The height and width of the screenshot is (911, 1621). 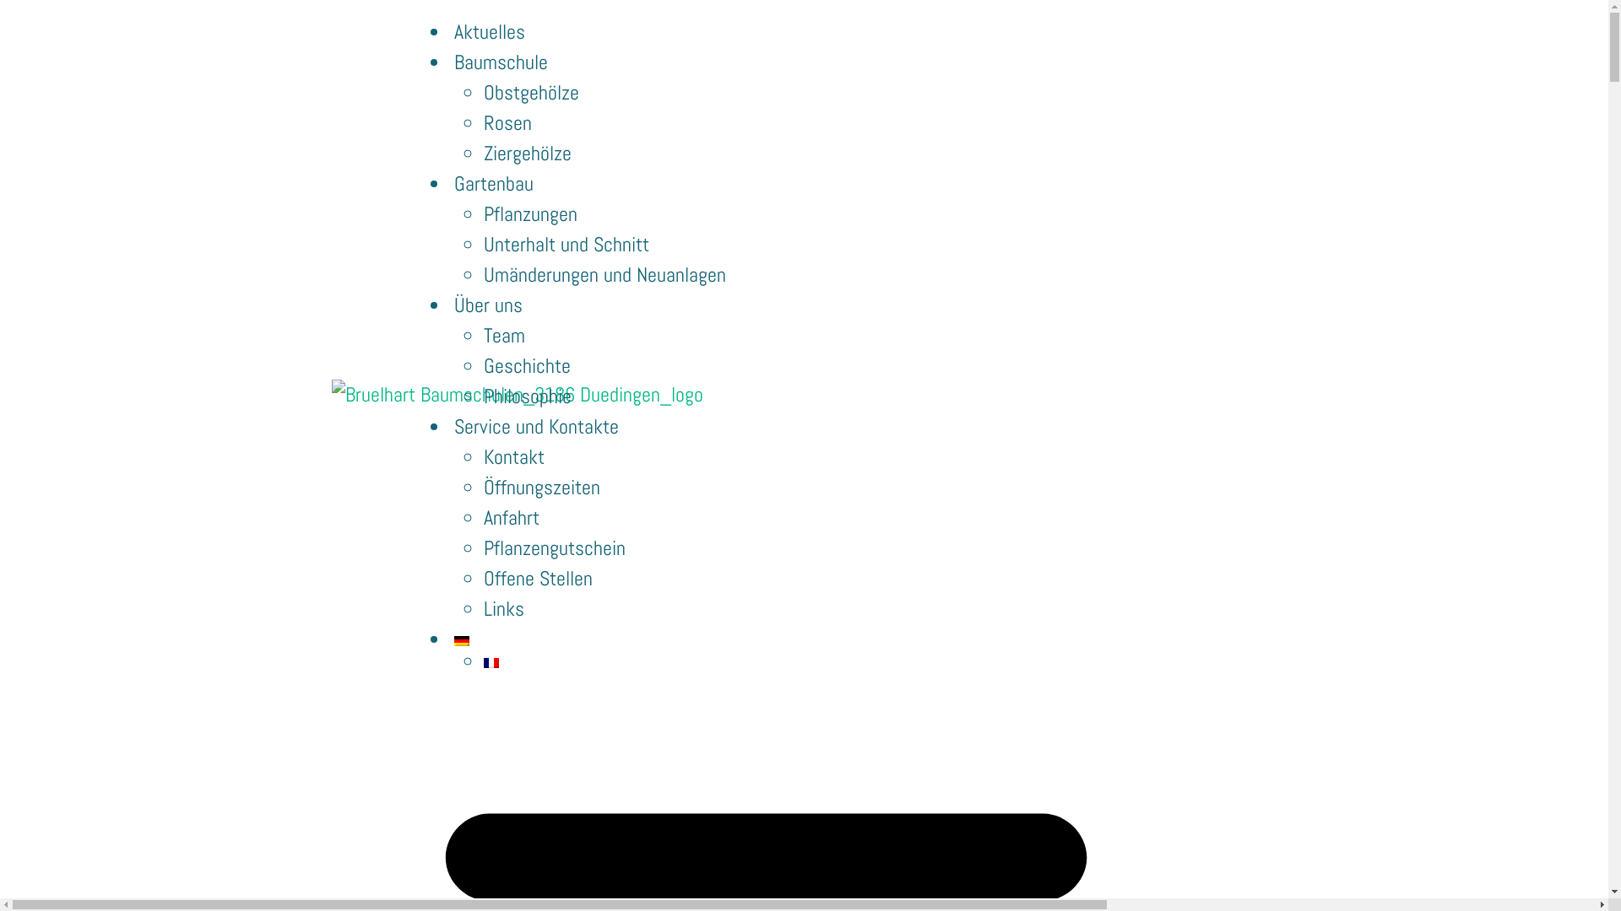 What do you see at coordinates (567, 244) in the screenshot?
I see `'Unterhalt und Schnitt'` at bounding box center [567, 244].